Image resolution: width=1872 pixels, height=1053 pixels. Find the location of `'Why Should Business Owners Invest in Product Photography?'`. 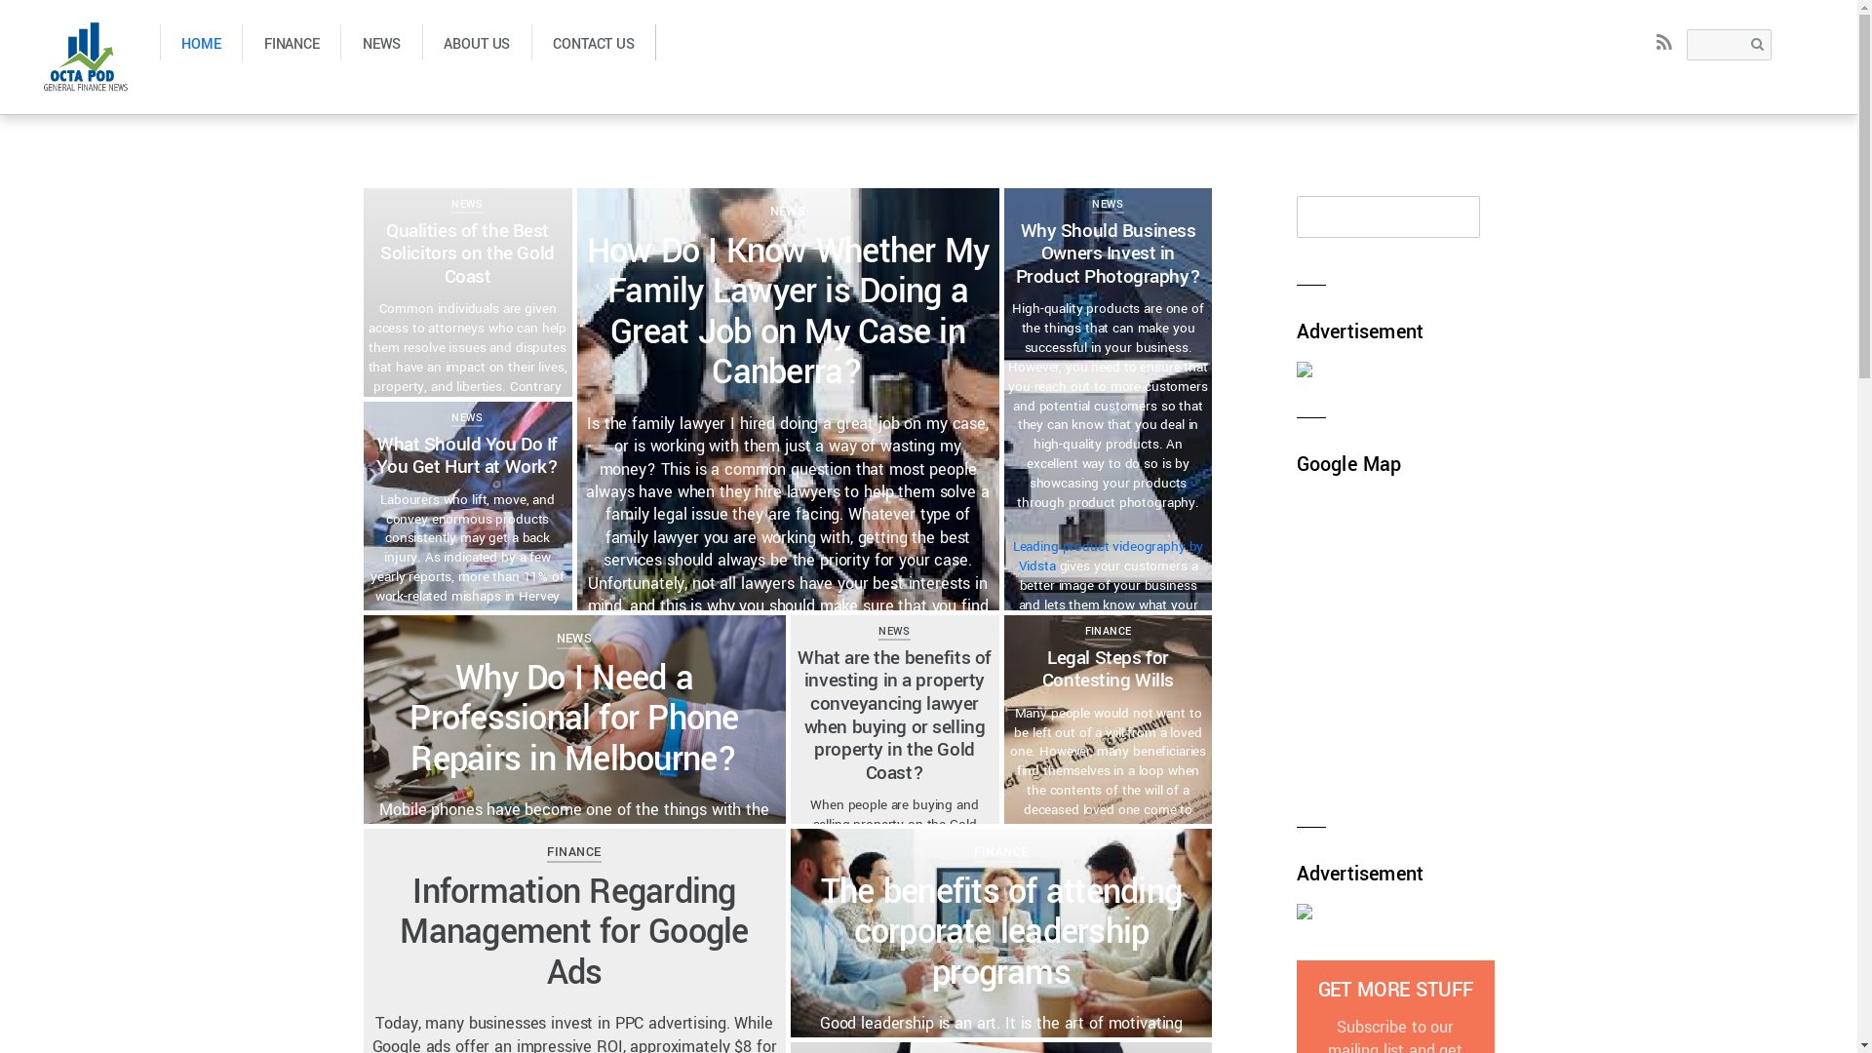

'Why Should Business Owners Invest in Product Photography?' is located at coordinates (1014, 253).